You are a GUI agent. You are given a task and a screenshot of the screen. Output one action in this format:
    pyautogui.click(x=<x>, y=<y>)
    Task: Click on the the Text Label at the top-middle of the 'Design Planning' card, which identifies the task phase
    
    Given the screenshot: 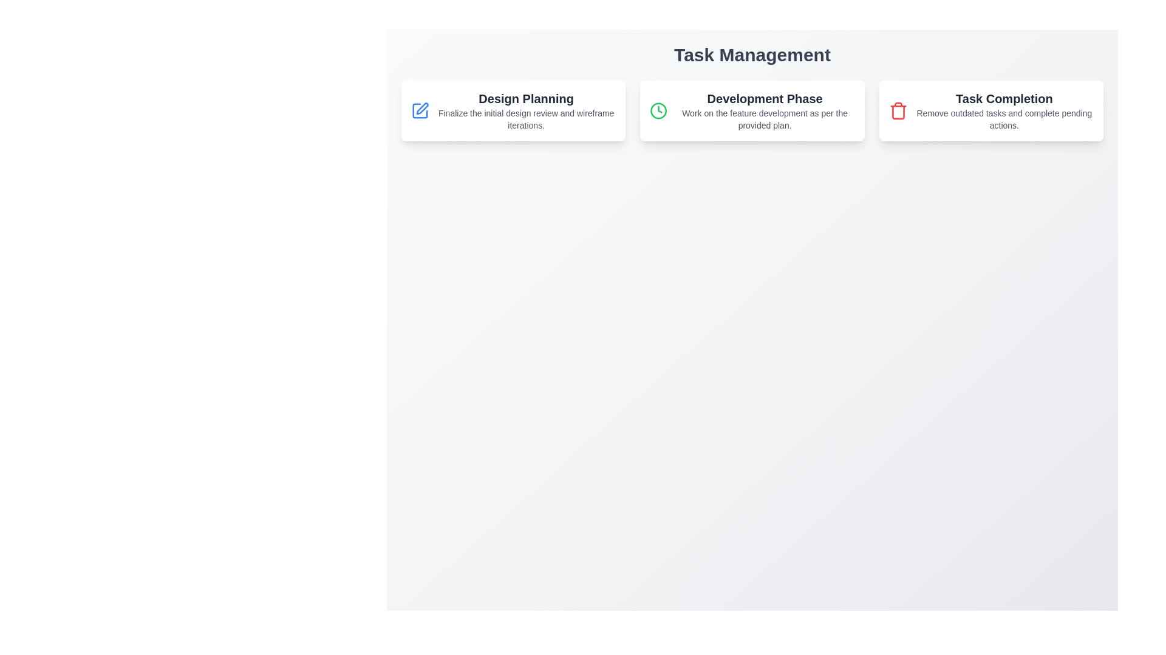 What is the action you would take?
    pyautogui.click(x=526, y=98)
    